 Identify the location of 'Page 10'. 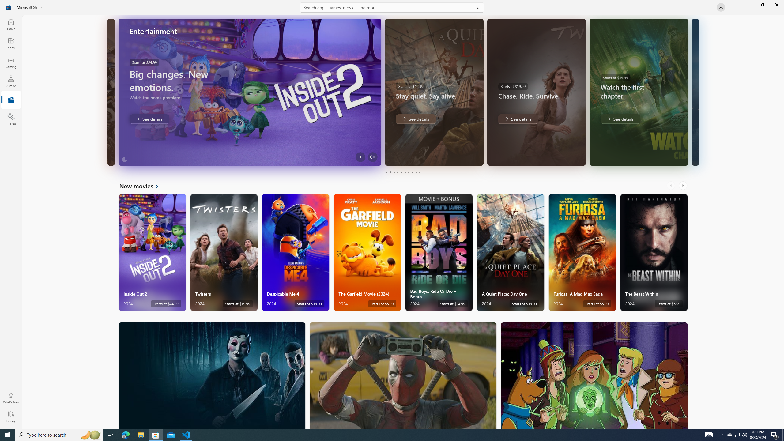
(419, 172).